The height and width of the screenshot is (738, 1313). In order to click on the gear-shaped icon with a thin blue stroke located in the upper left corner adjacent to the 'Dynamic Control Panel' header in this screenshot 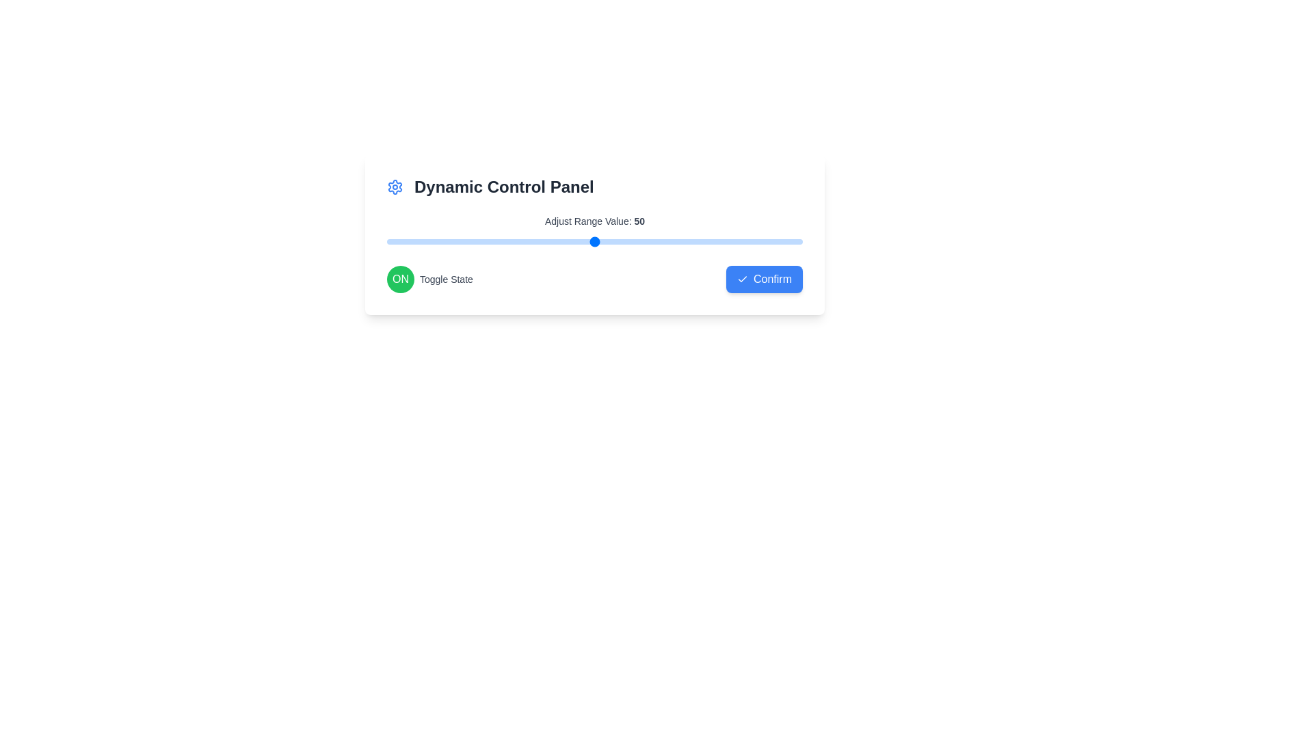, I will do `click(394, 187)`.